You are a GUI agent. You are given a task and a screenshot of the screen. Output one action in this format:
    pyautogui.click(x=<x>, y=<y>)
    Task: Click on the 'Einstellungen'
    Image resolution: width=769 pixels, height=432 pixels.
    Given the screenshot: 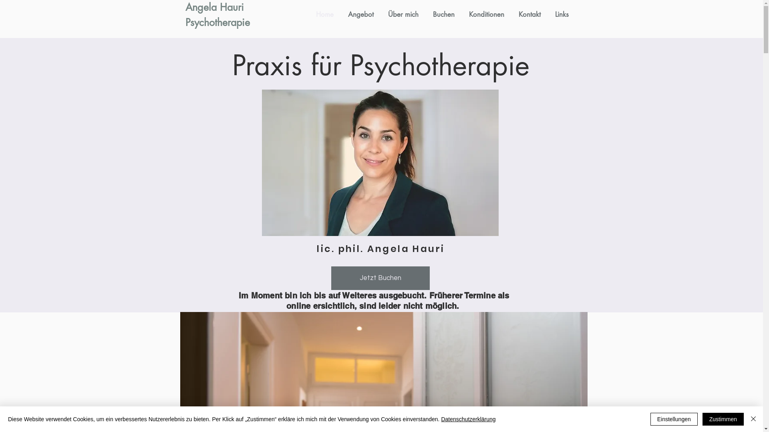 What is the action you would take?
    pyautogui.click(x=674, y=419)
    